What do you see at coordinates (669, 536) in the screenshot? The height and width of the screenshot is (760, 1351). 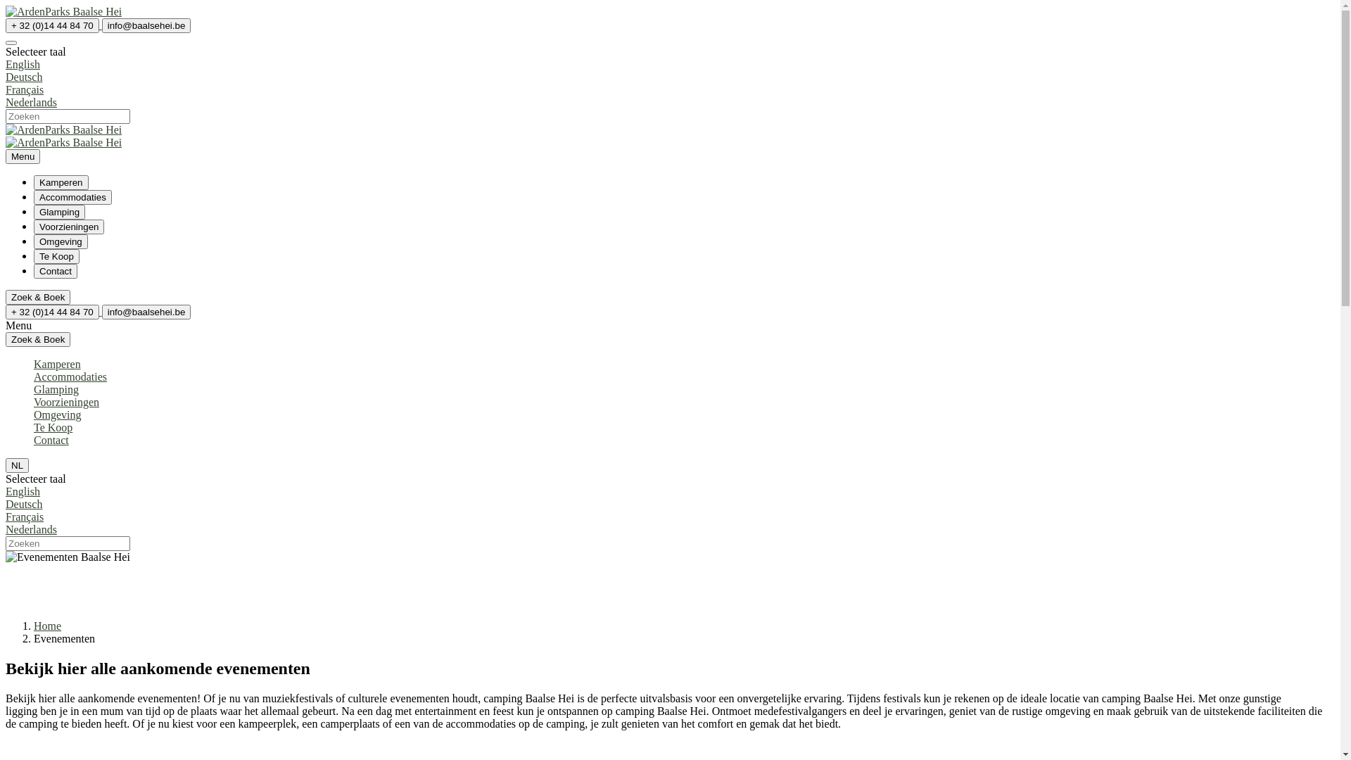 I see `'Nederlands'` at bounding box center [669, 536].